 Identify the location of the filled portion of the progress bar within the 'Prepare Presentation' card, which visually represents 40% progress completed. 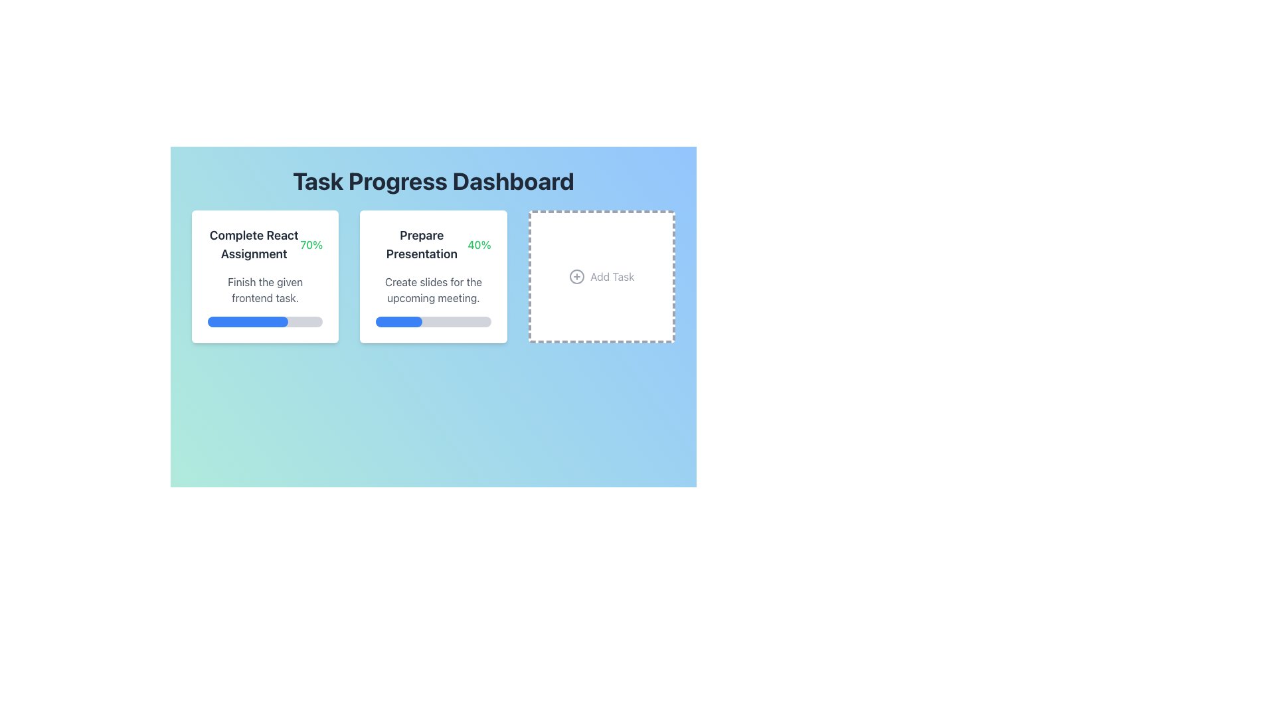
(398, 322).